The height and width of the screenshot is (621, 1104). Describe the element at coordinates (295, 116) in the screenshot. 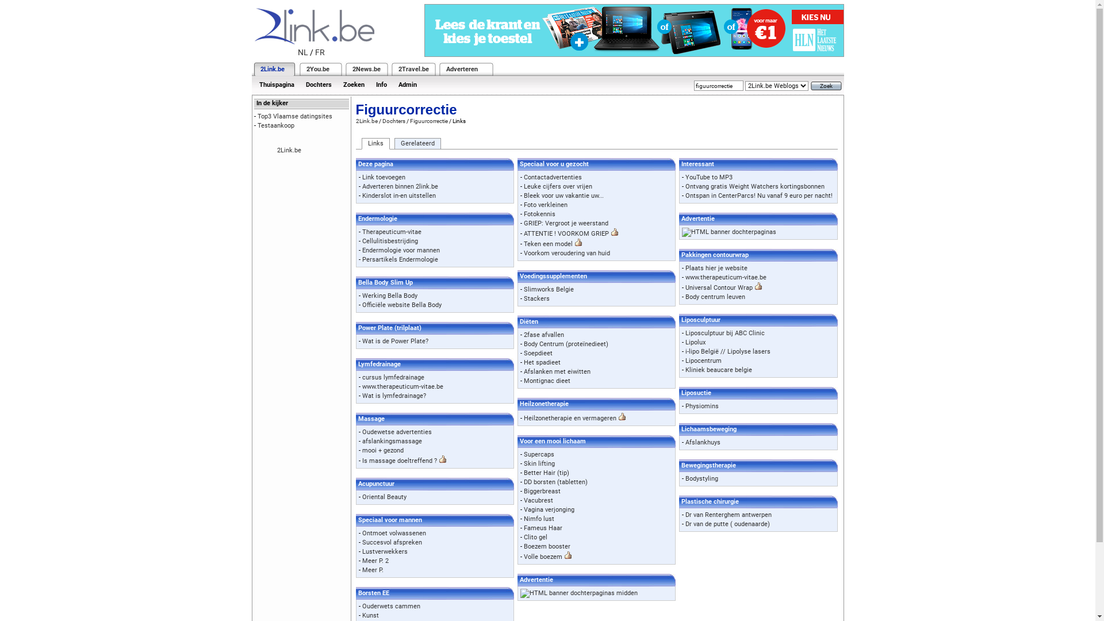

I see `'Top3 Vlaamse datingsites'` at that location.